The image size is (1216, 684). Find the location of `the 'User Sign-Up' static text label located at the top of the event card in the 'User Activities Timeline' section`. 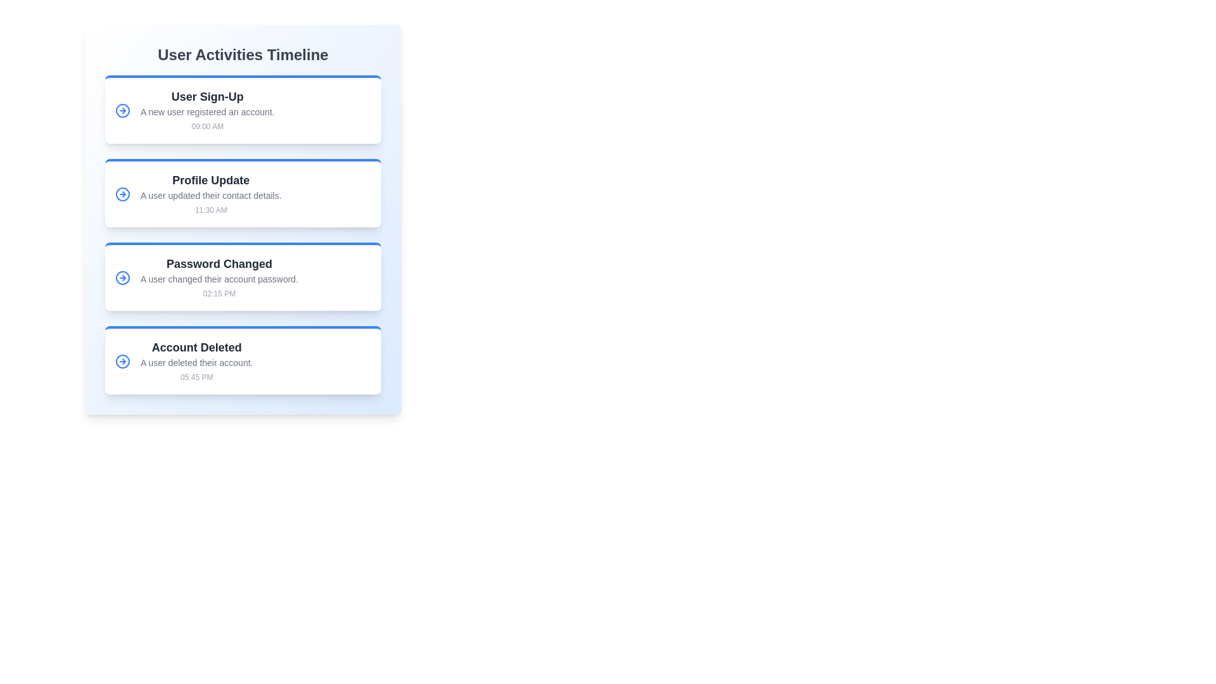

the 'User Sign-Up' static text label located at the top of the event card in the 'User Activities Timeline' section is located at coordinates (207, 96).